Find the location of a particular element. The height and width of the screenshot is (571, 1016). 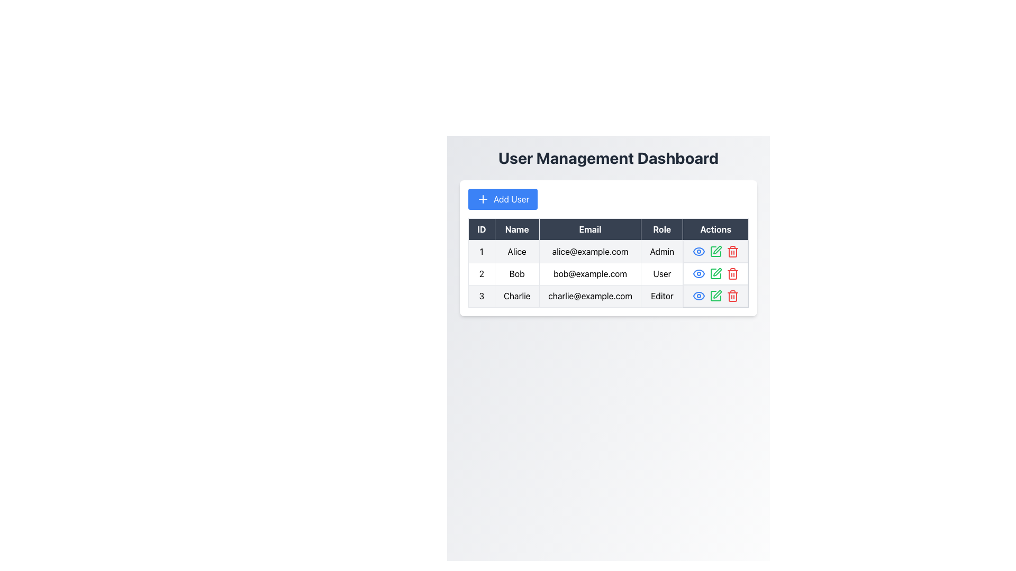

the Table Header Cell labeled 'ID', which is styled with a dark background and is the leftmost element in the header row of a table structure is located at coordinates (481, 229).